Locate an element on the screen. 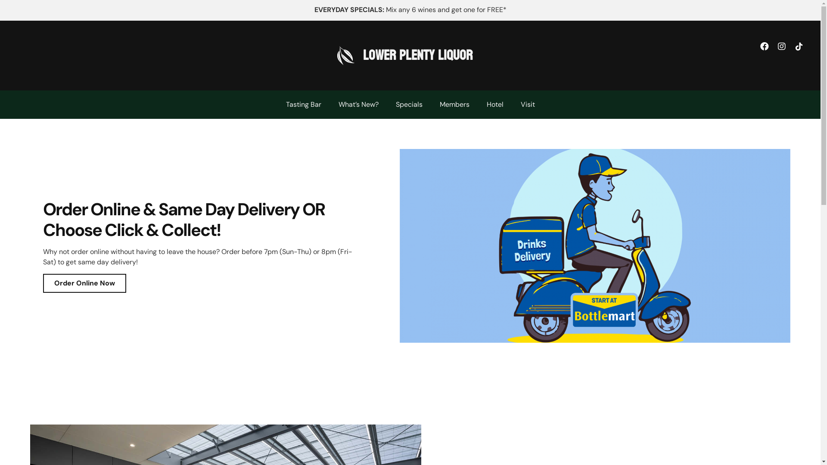  'Visit' is located at coordinates (527, 104).